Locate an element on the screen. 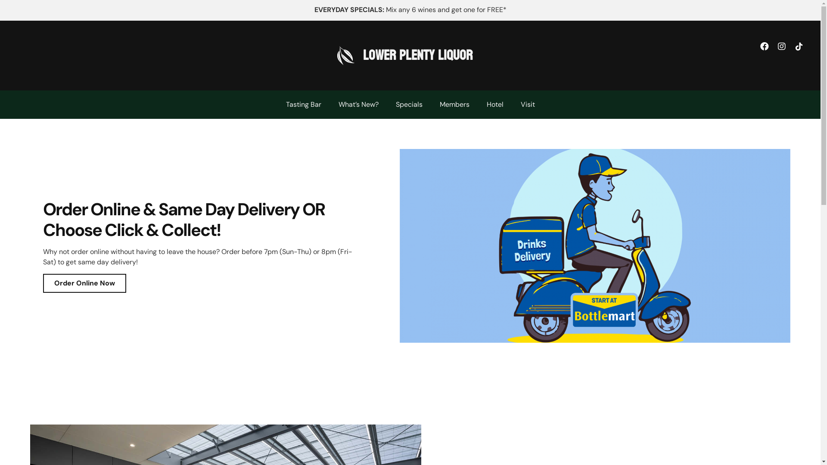  'Visit' is located at coordinates (527, 104).